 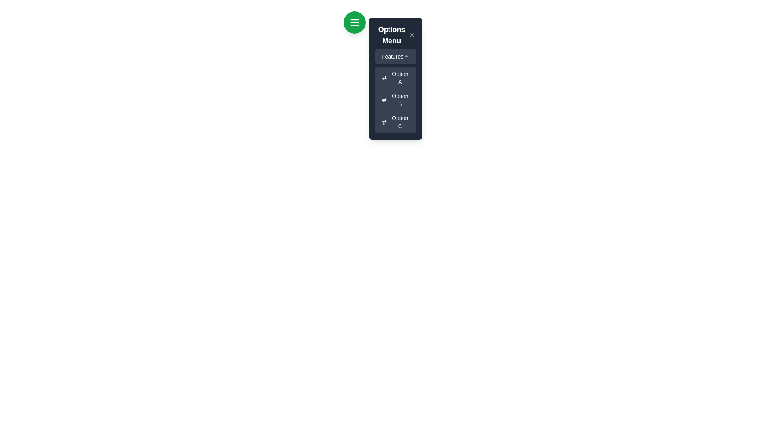 I want to click on the second option 'Option B' in the Dropdown Menu, which is vertically aligned with a dark gray background and contains three options: 'Option A', 'Option B', and 'Option C', so click(x=395, y=100).